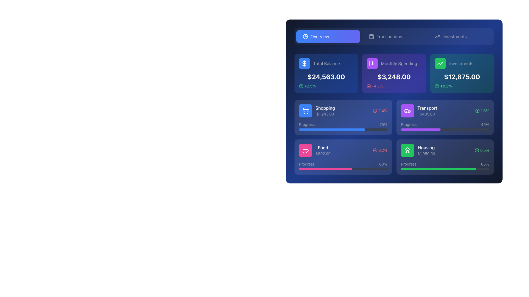  I want to click on the green circular arrow icon indicating an upwards trend located in the 'Investments' section, positioned left of the '+8.2%' percentage text, so click(436, 86).